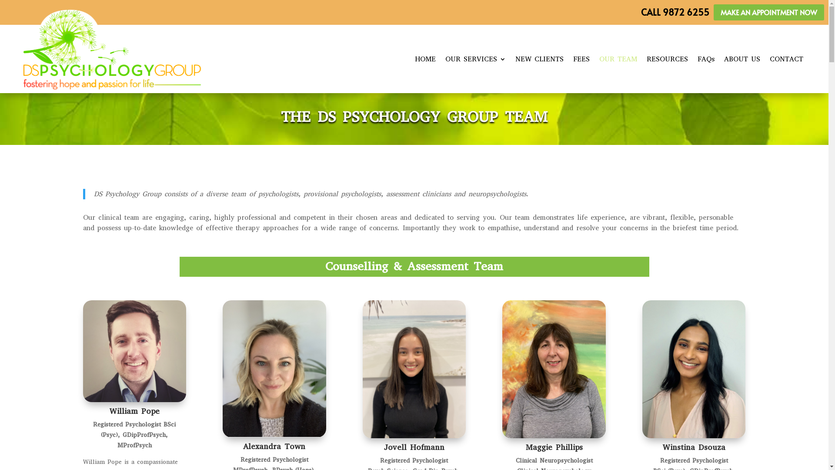 Image resolution: width=835 pixels, height=470 pixels. What do you see at coordinates (768, 12) in the screenshot?
I see `'MAKE AN APPOINTMENT NOW'` at bounding box center [768, 12].